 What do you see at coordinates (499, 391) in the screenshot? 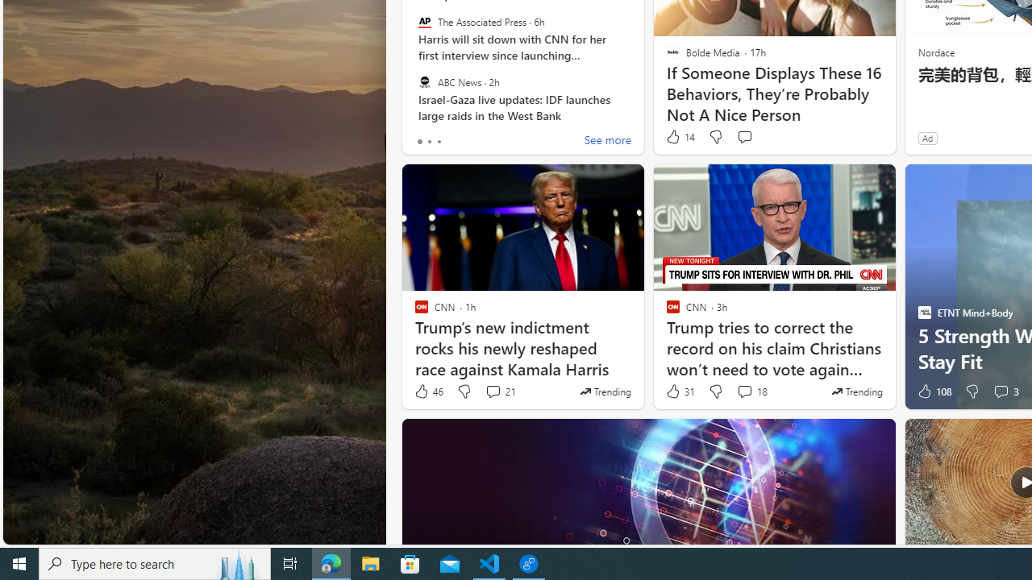
I see `'View comments 21 Comment'` at bounding box center [499, 391].